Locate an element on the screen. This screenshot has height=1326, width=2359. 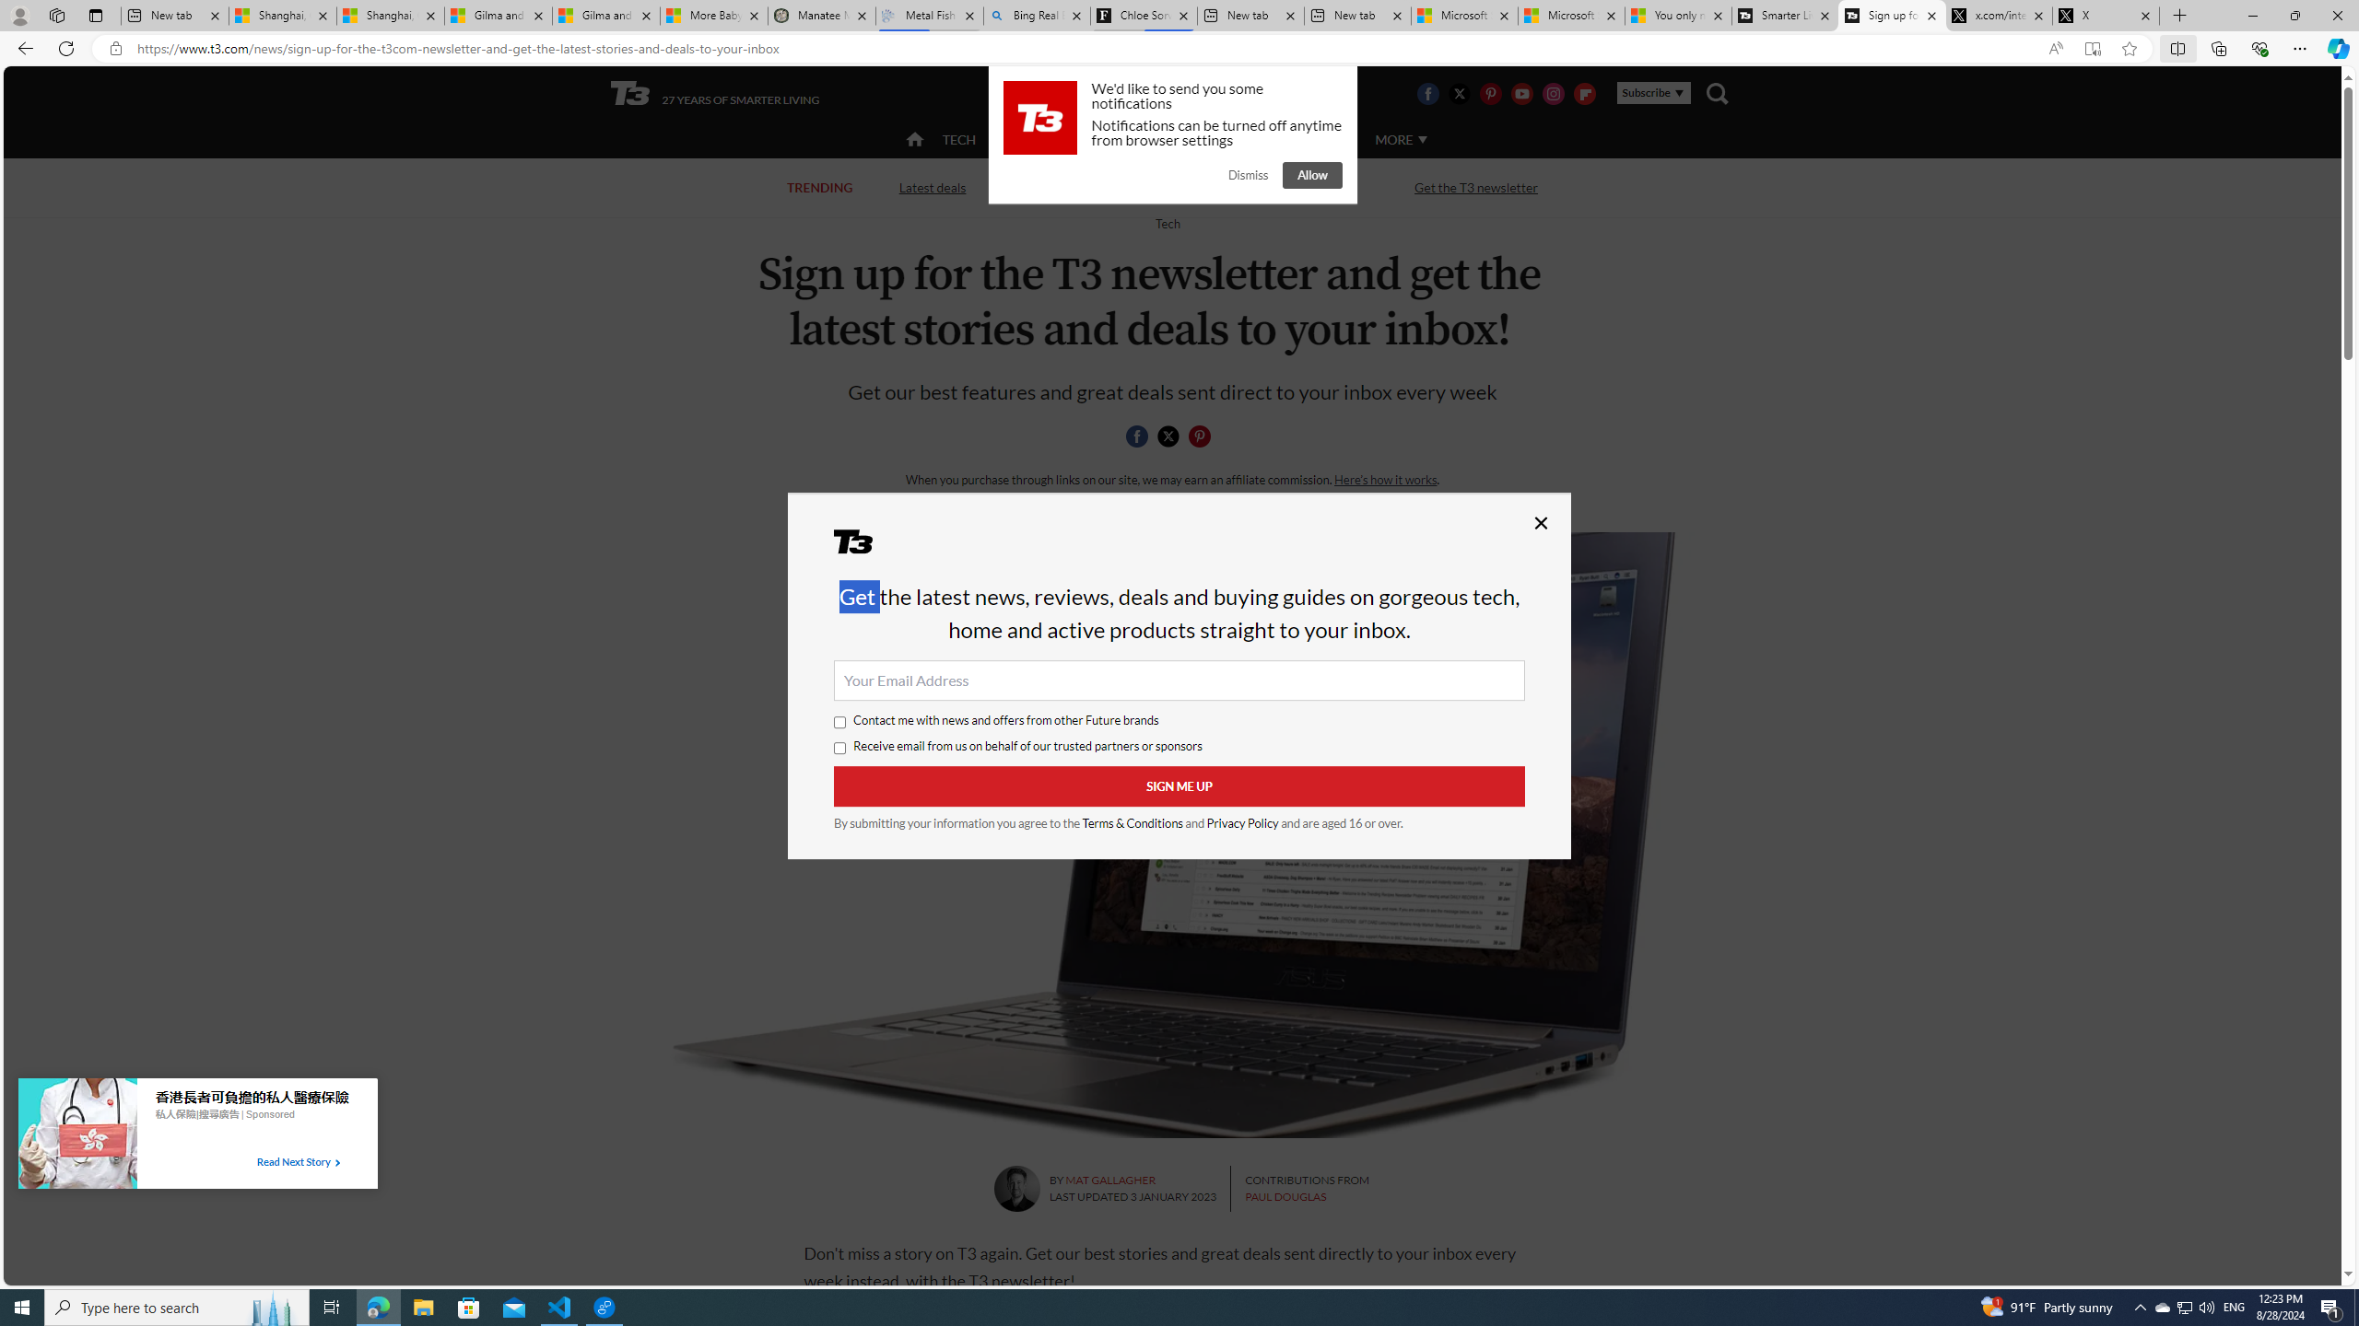
'Mat Gallagher' is located at coordinates (1015, 1188).